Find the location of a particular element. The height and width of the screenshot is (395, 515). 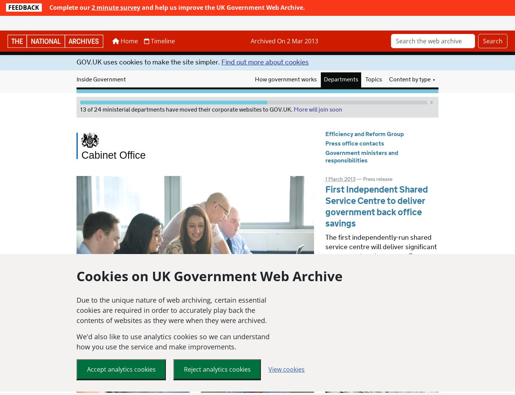

'Archived On
         
          2 Mar 2013' is located at coordinates (285, 26).